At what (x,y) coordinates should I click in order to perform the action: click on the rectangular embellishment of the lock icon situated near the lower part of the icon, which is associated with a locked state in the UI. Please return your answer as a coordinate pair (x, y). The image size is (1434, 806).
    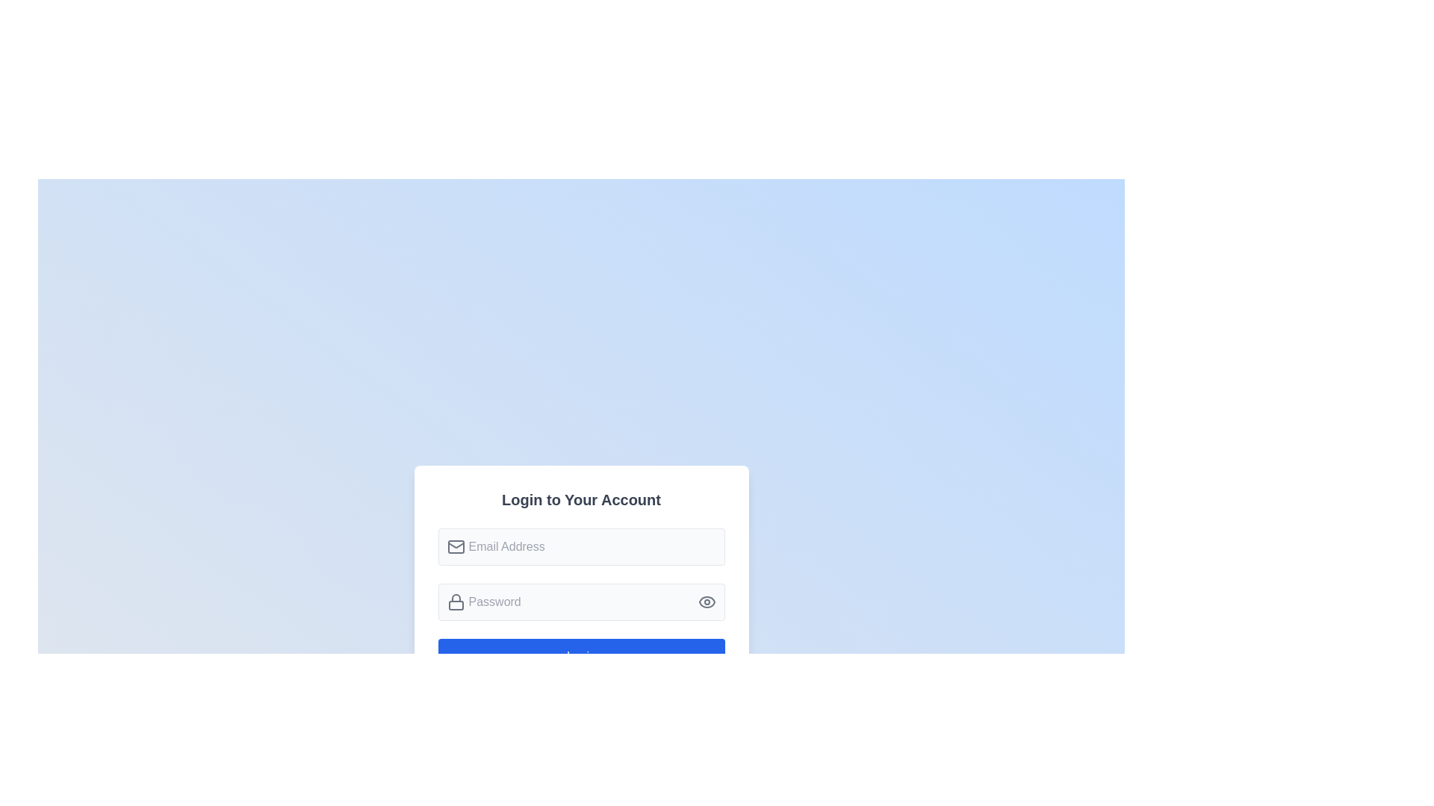
    Looking at the image, I should click on (455, 605).